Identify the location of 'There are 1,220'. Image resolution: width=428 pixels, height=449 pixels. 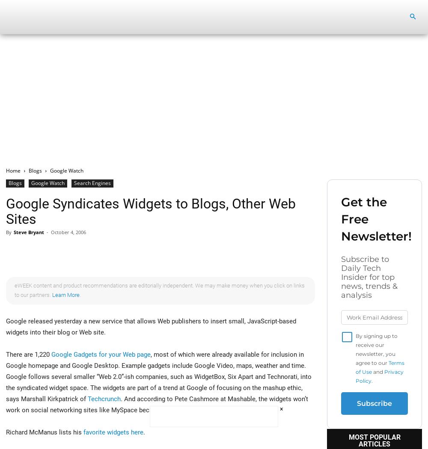
(28, 354).